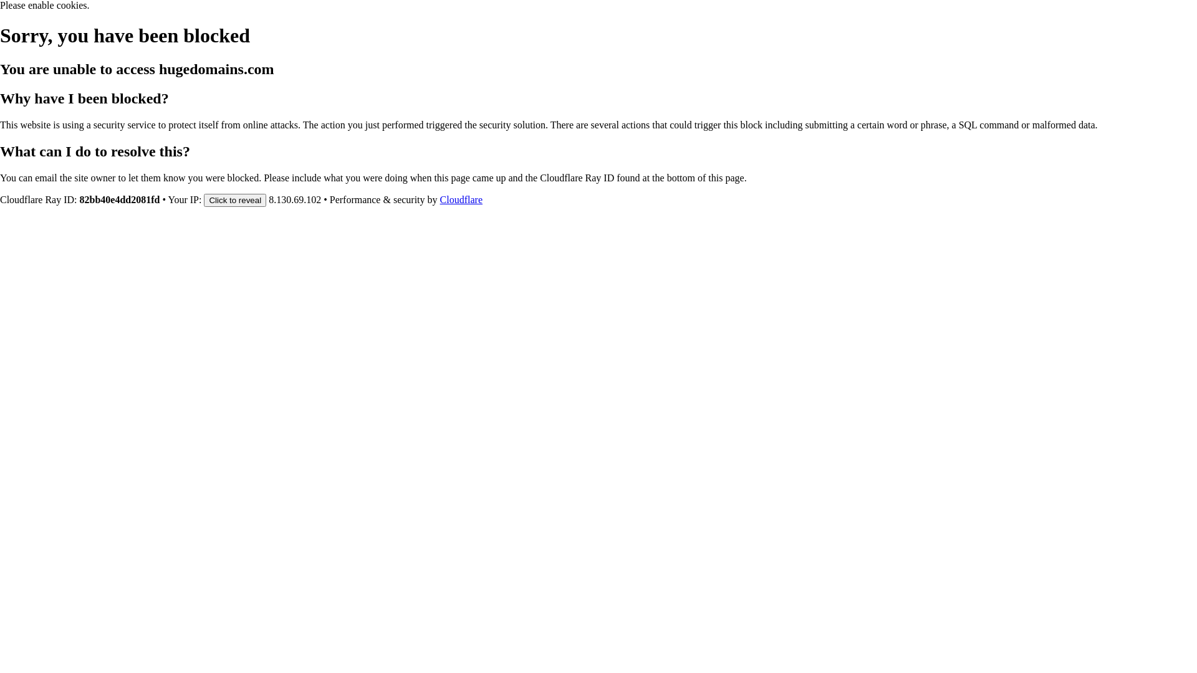  What do you see at coordinates (460, 199) in the screenshot?
I see `'Cloudflare'` at bounding box center [460, 199].